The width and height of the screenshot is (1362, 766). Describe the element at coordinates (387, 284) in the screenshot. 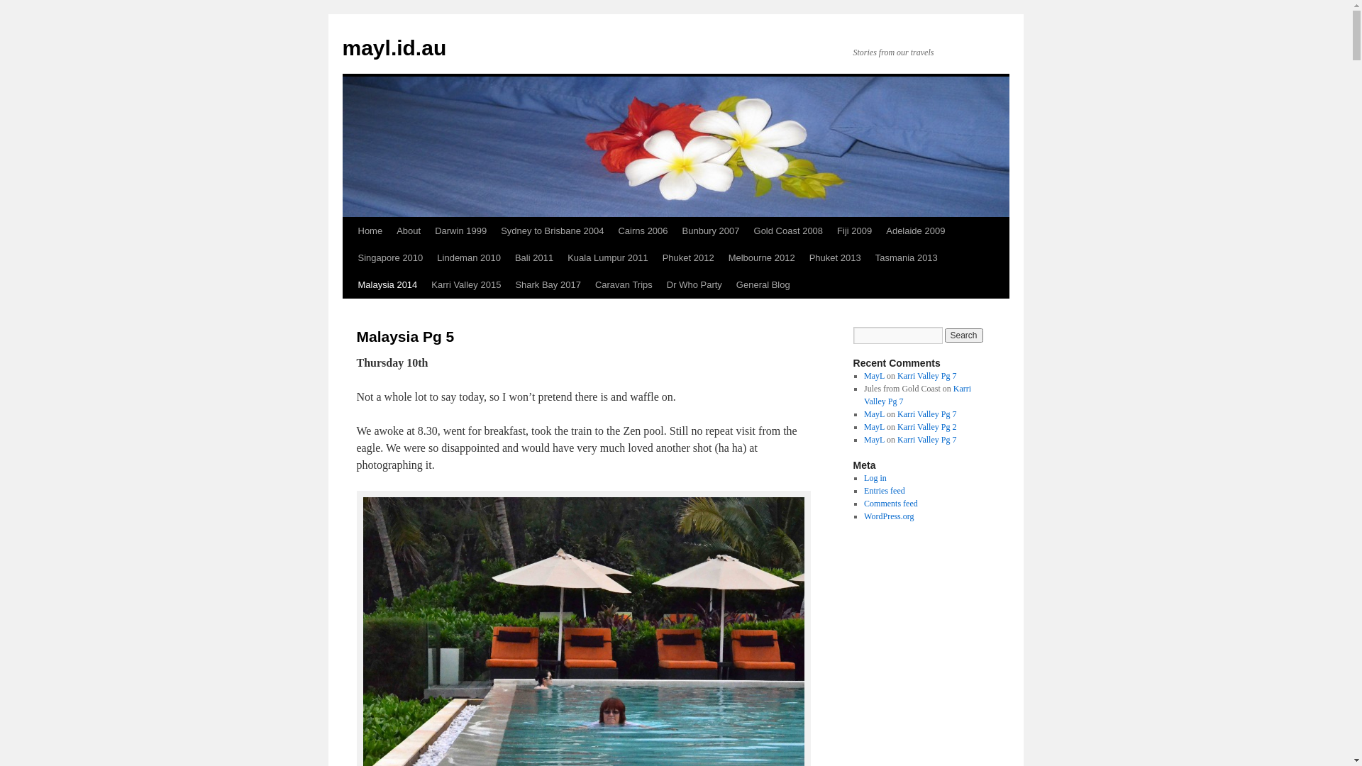

I see `'Malaysia 2014'` at that location.